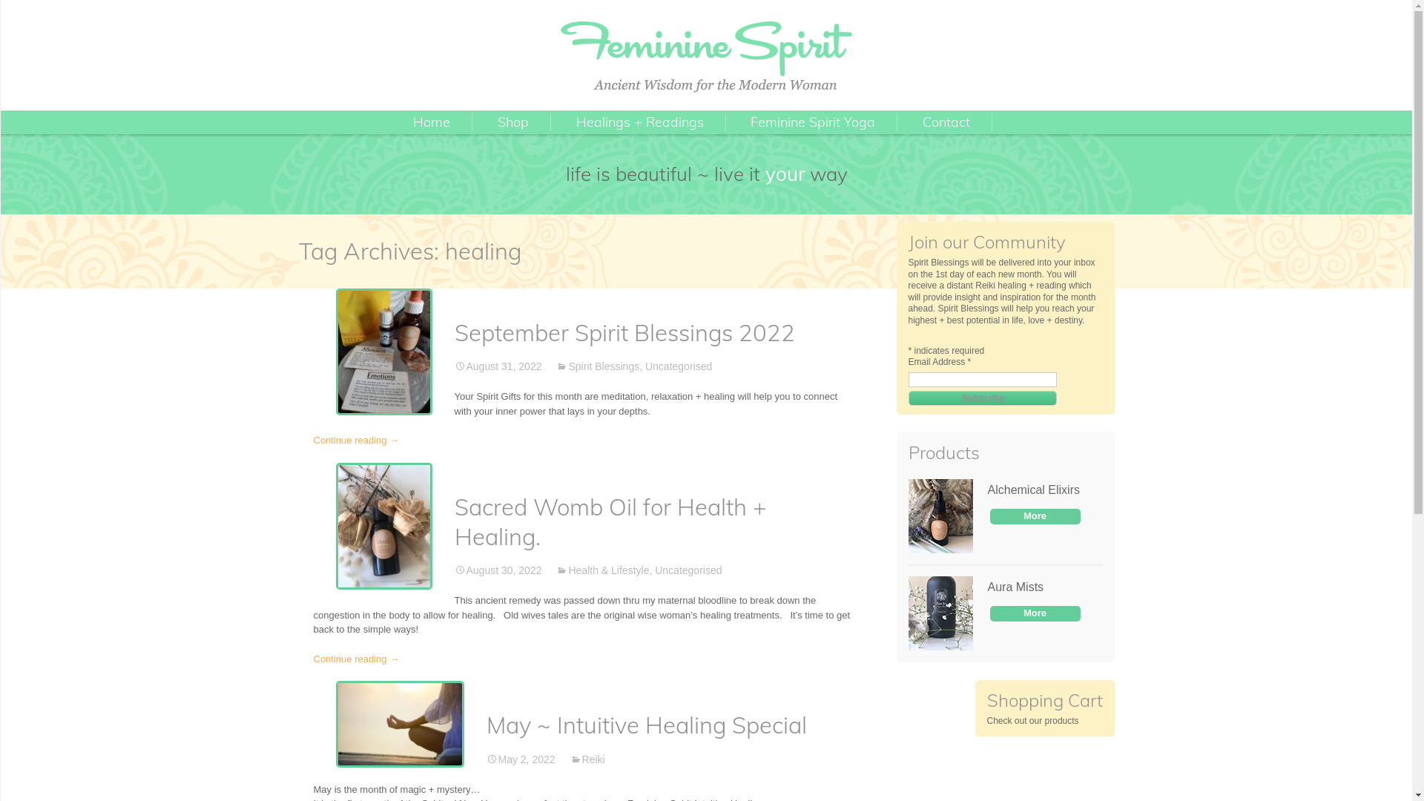 This screenshot has height=801, width=1424. I want to click on 'August 31, 2022', so click(498, 366).